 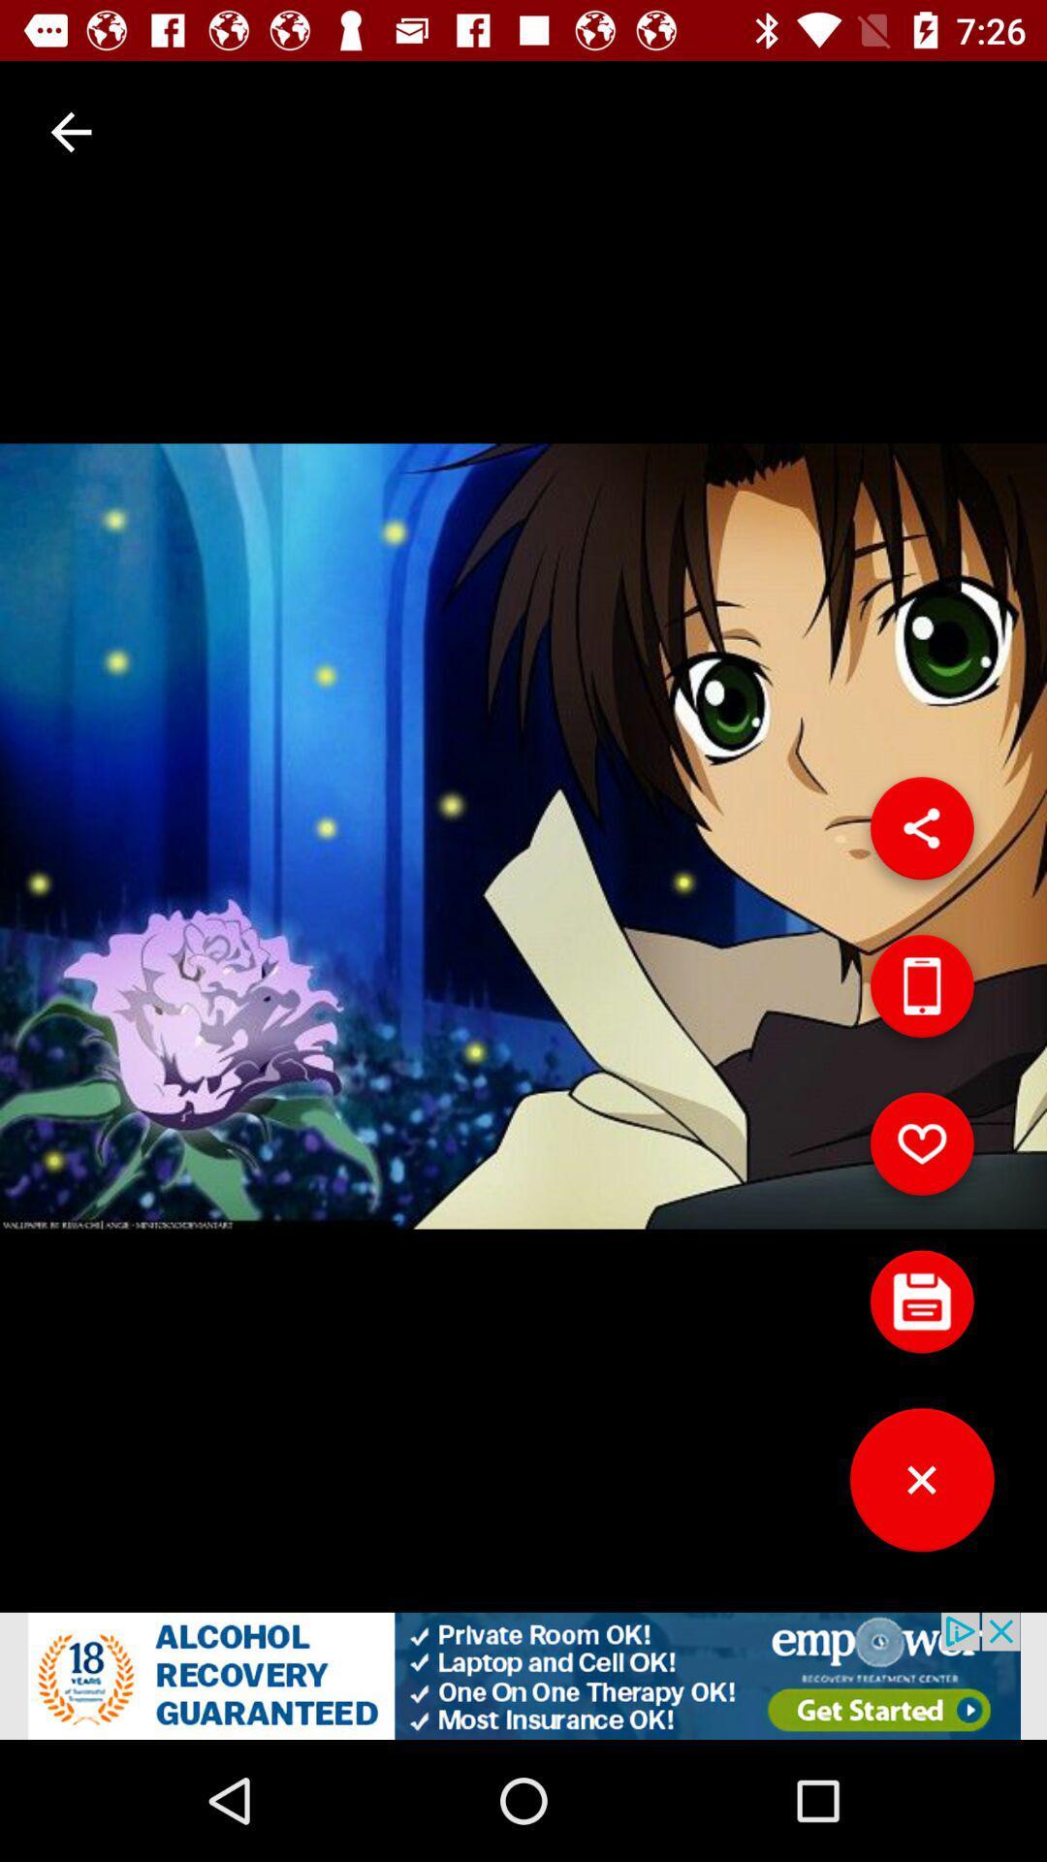 What do you see at coordinates (921, 1151) in the screenshot?
I see `the favorite icon` at bounding box center [921, 1151].